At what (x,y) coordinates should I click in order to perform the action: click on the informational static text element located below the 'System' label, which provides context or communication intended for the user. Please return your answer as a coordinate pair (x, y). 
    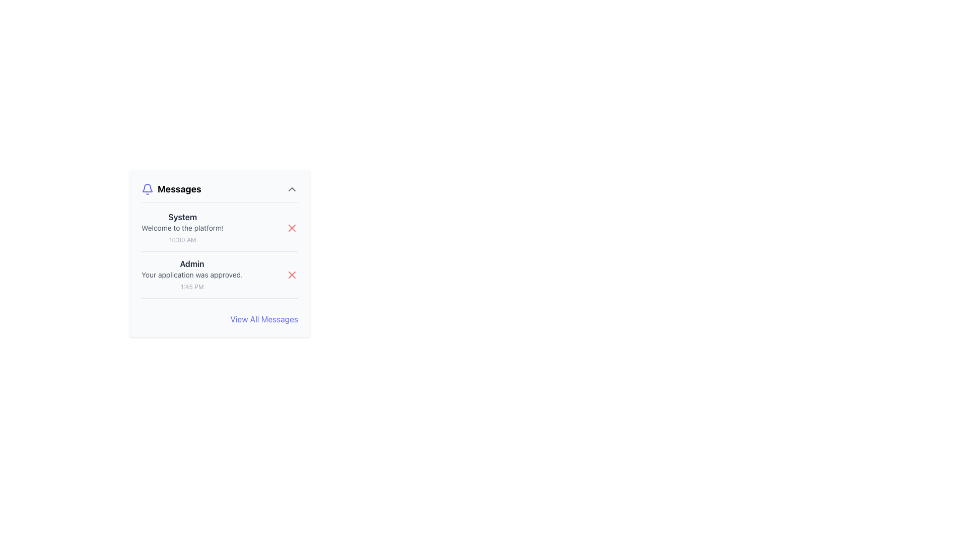
    Looking at the image, I should click on (182, 228).